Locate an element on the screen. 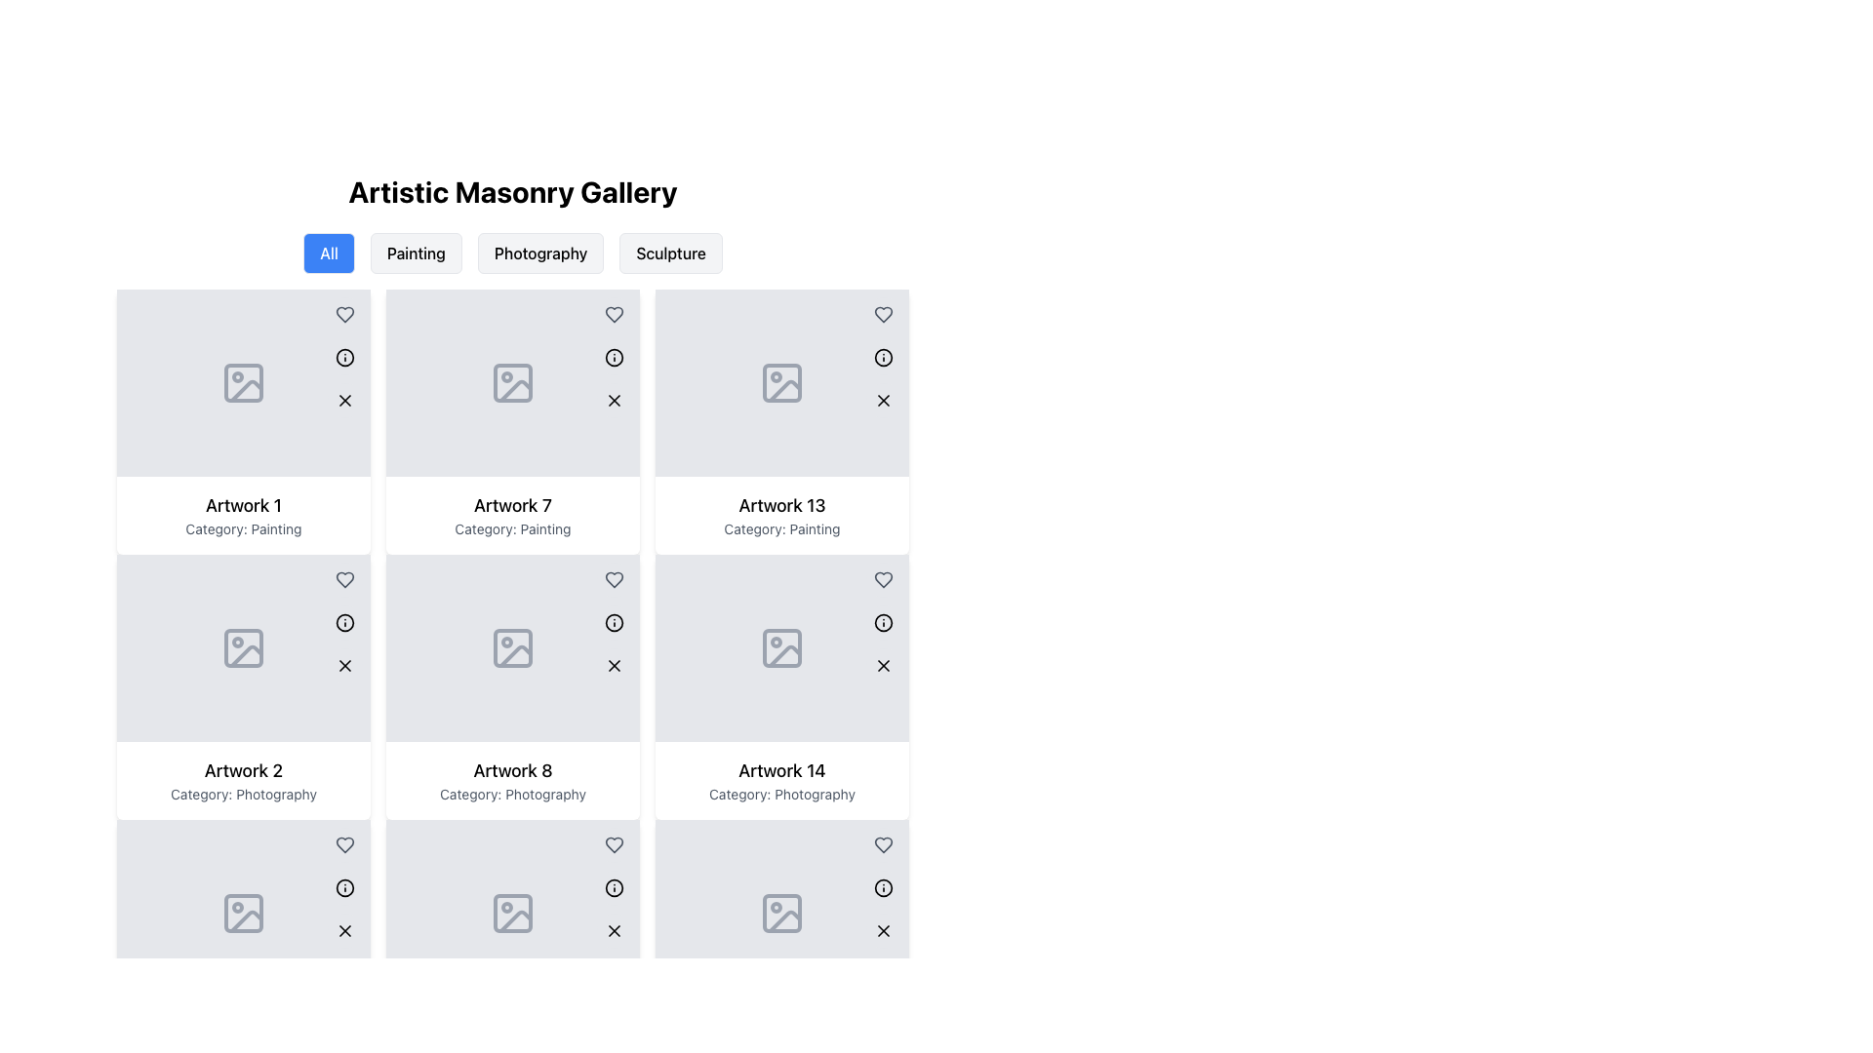 The image size is (1873, 1053). the small diagonal cross ('X') button located at the top-right corner of the tile labeled 'Artwork 8: Category: Photography' is located at coordinates (613, 664).